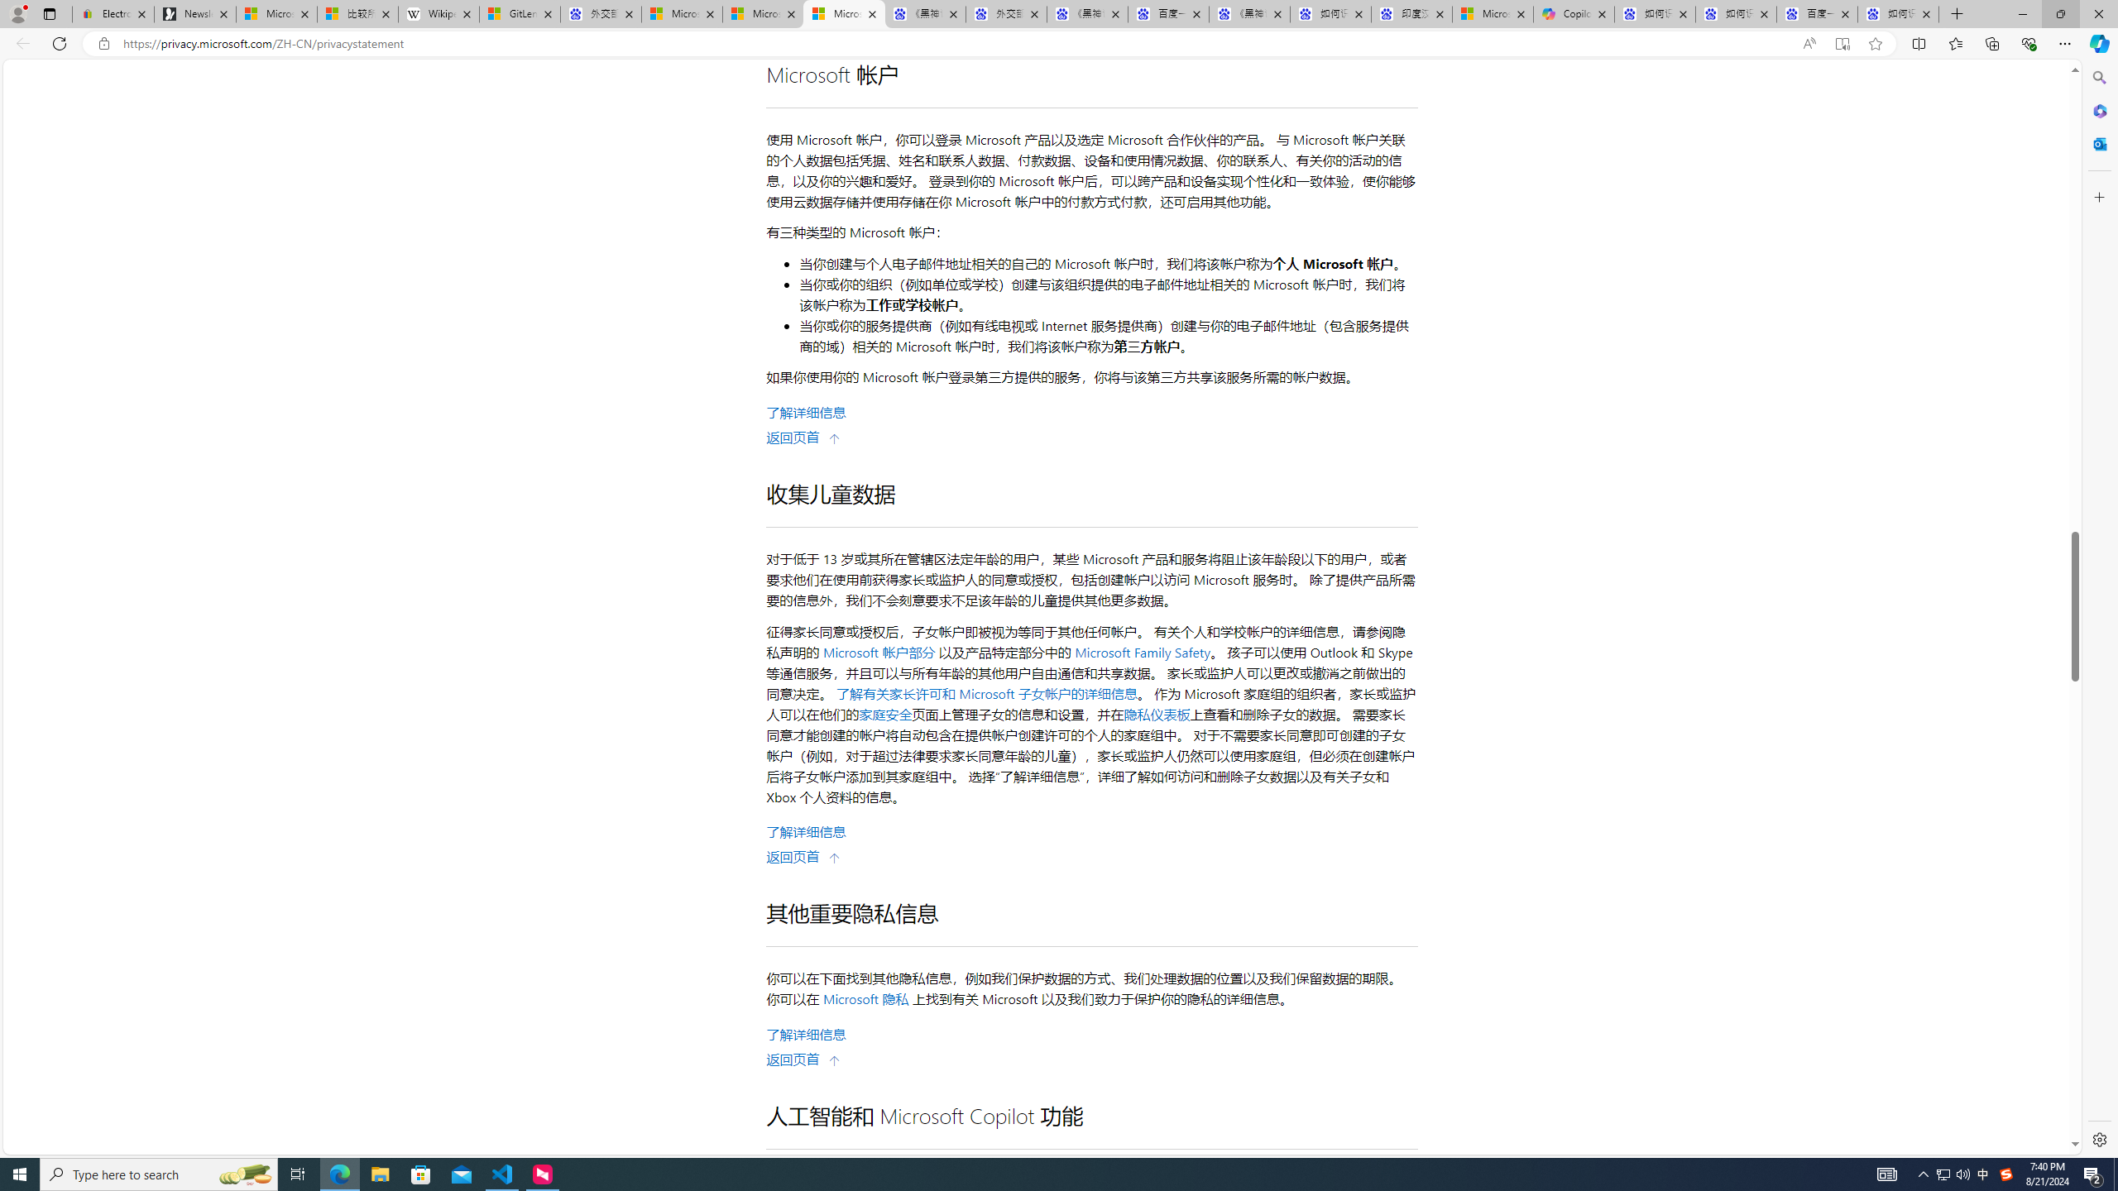 The image size is (2118, 1191). What do you see at coordinates (1140, 652) in the screenshot?
I see `'Microsoft Family Safety'` at bounding box center [1140, 652].